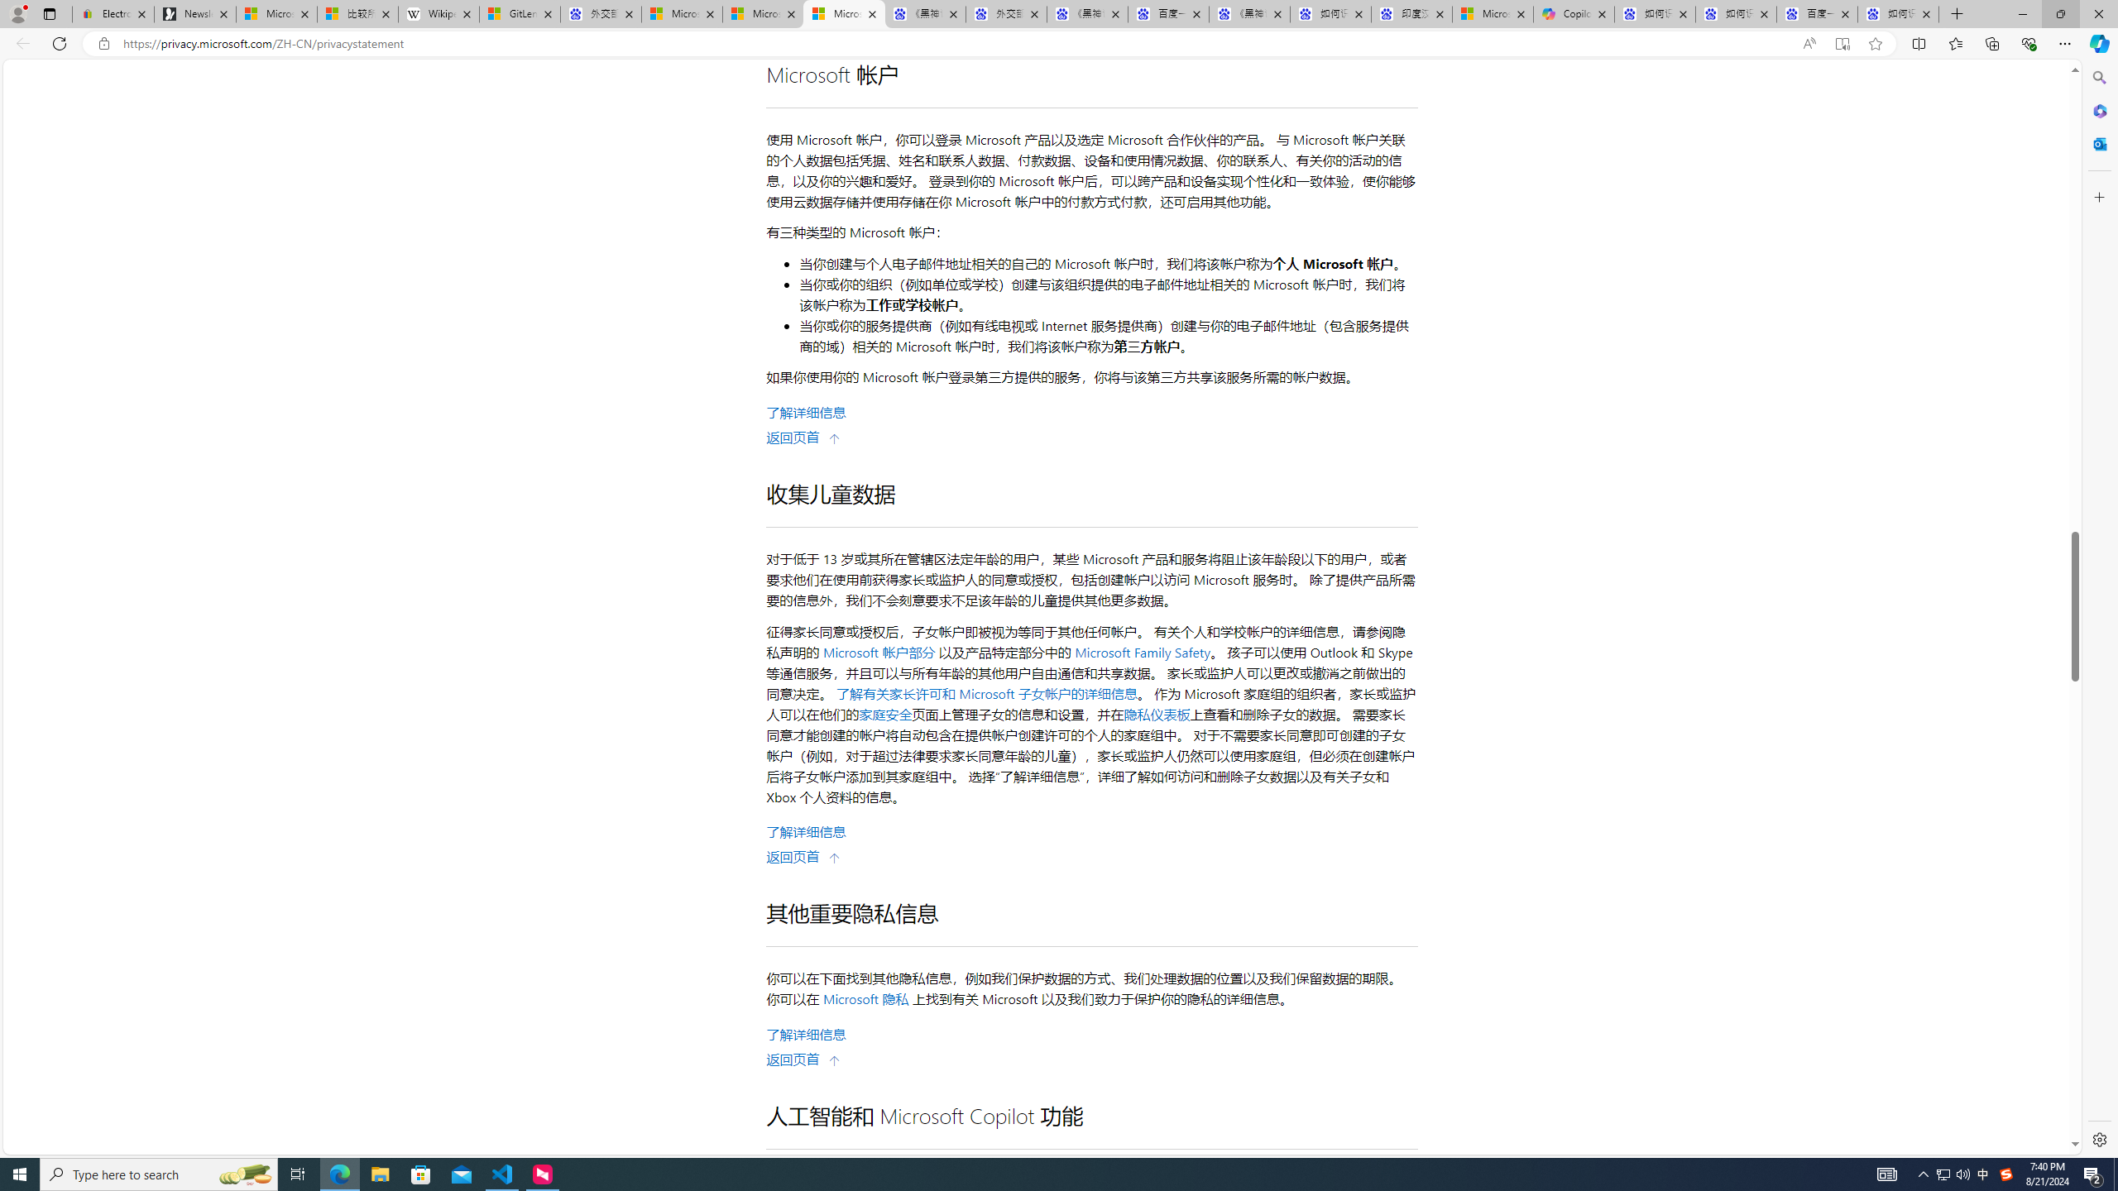 The image size is (2118, 1191). What do you see at coordinates (1140, 652) in the screenshot?
I see `'Microsoft Family Safety'` at bounding box center [1140, 652].